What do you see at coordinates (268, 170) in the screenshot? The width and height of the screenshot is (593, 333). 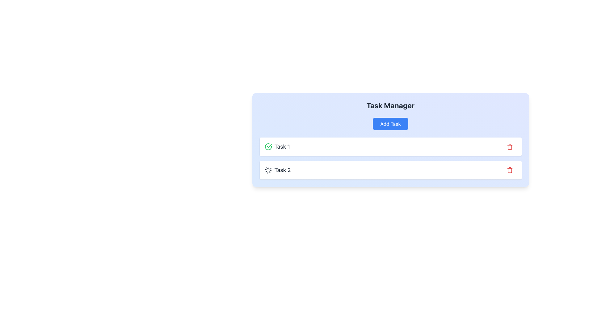 I see `the spinning loader icon located to the left of the text 'Task 2' in the second row of the task list under 'Task Manager'` at bounding box center [268, 170].